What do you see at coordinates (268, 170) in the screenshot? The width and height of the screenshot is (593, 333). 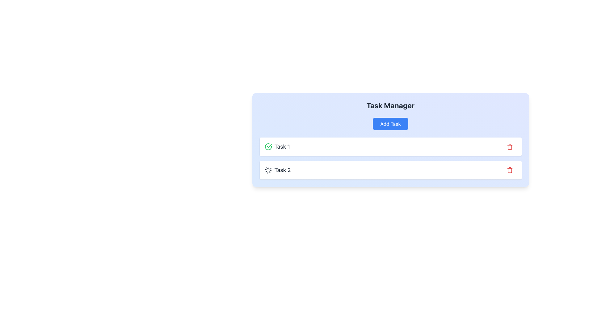 I see `the spinning loader icon located to the left of the text 'Task 2' in the second row of the task list under 'Task Manager'` at bounding box center [268, 170].